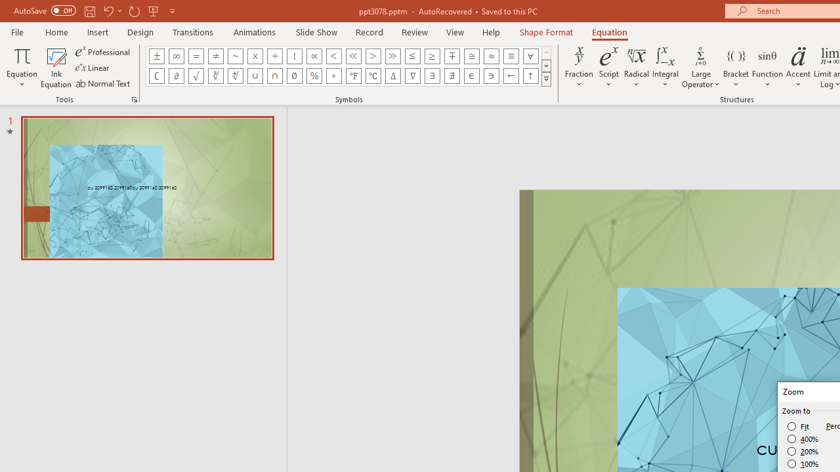 The width and height of the screenshot is (840, 472). Describe the element at coordinates (432, 56) in the screenshot. I see `'Equation Symbol Greater Than or Equal To'` at that location.